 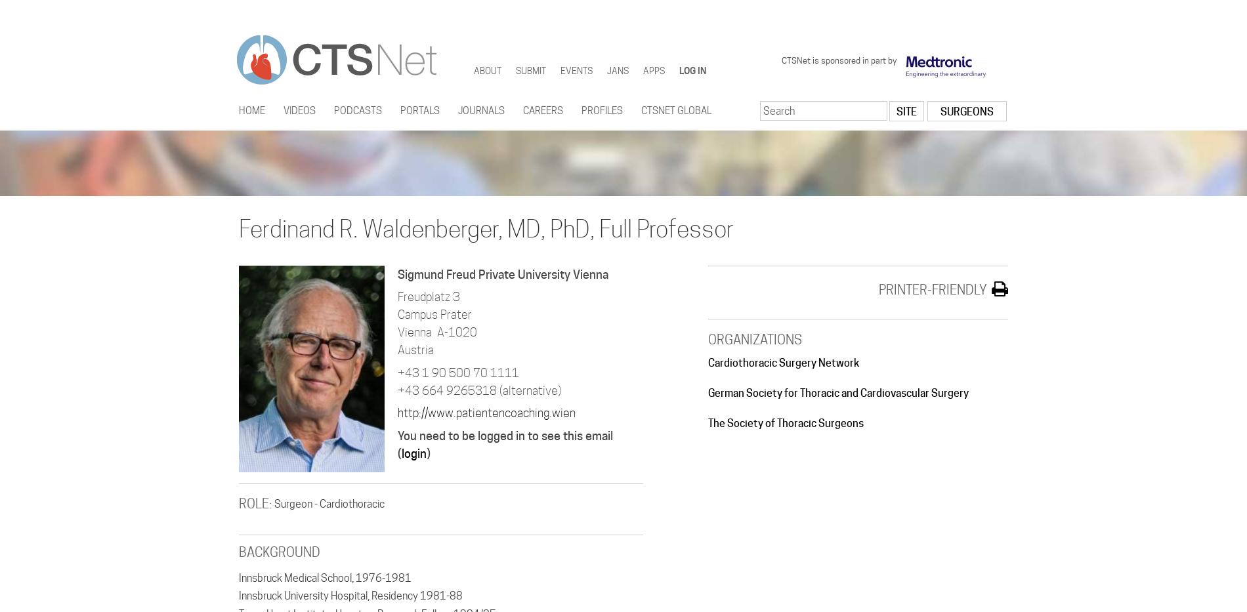 I want to click on 'Campus Prater', so click(x=434, y=314).